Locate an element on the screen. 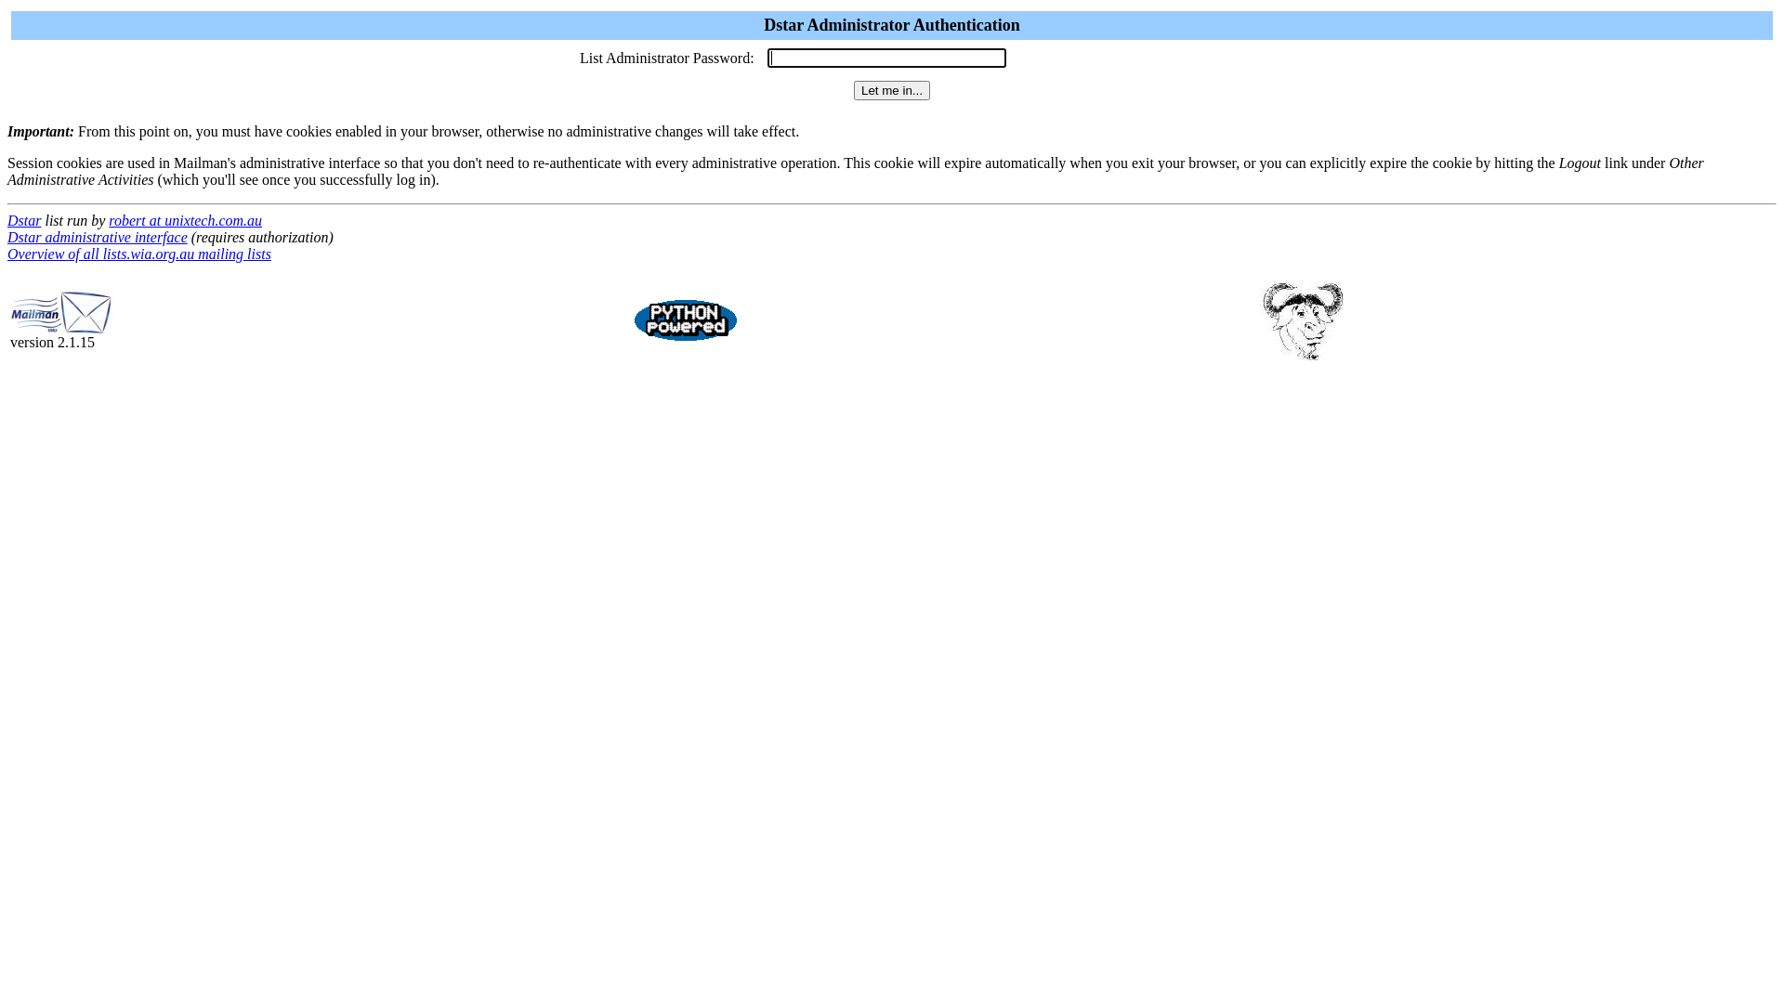 Image resolution: width=1784 pixels, height=1003 pixels. 'Dstar administrative interface' is located at coordinates (97, 236).